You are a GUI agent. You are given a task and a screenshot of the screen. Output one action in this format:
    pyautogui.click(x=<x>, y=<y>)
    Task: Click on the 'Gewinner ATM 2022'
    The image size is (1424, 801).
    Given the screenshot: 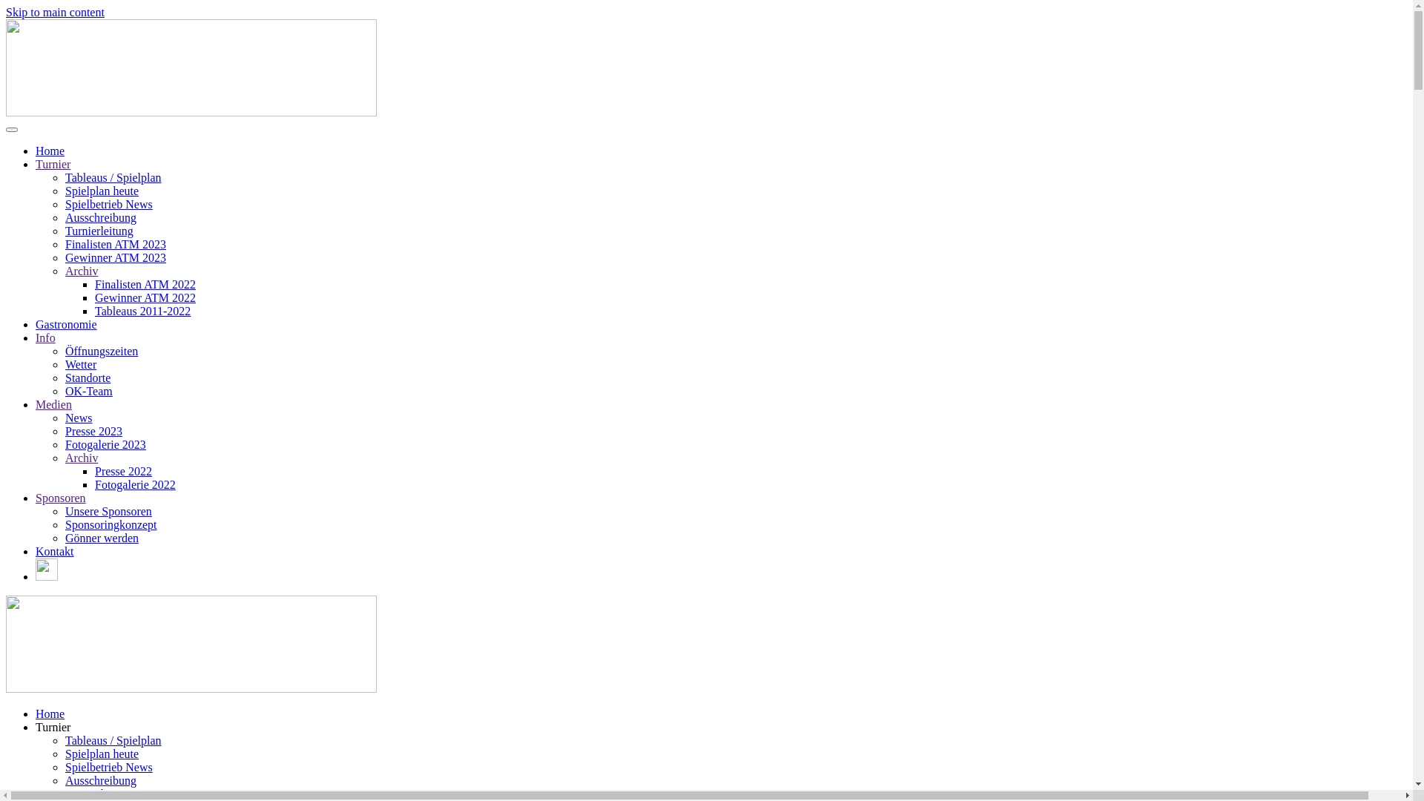 What is the action you would take?
    pyautogui.click(x=145, y=297)
    